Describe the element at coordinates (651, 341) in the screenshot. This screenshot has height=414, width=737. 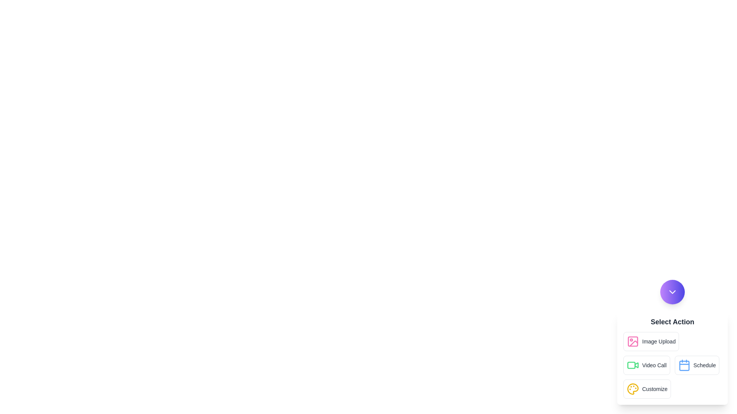
I see `the image upload button located below the dropdown icon and above the 'Video Call' button to initiate the image upload process` at that location.